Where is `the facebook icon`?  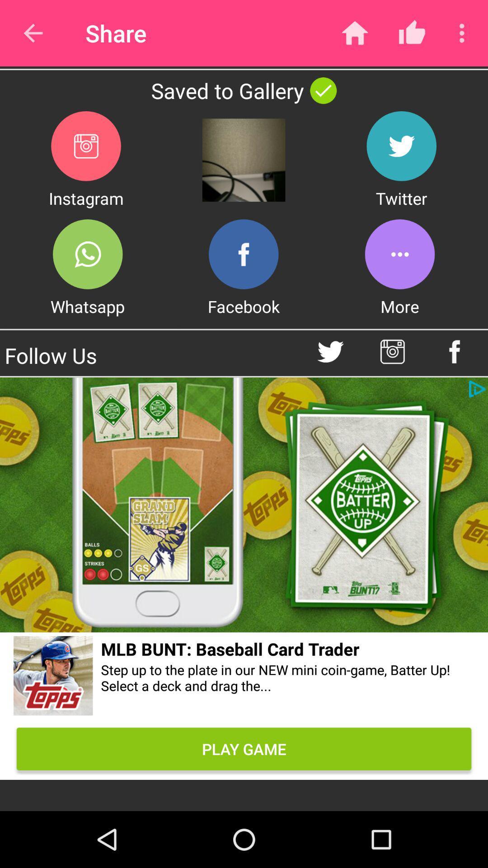
the facebook icon is located at coordinates (455, 351).